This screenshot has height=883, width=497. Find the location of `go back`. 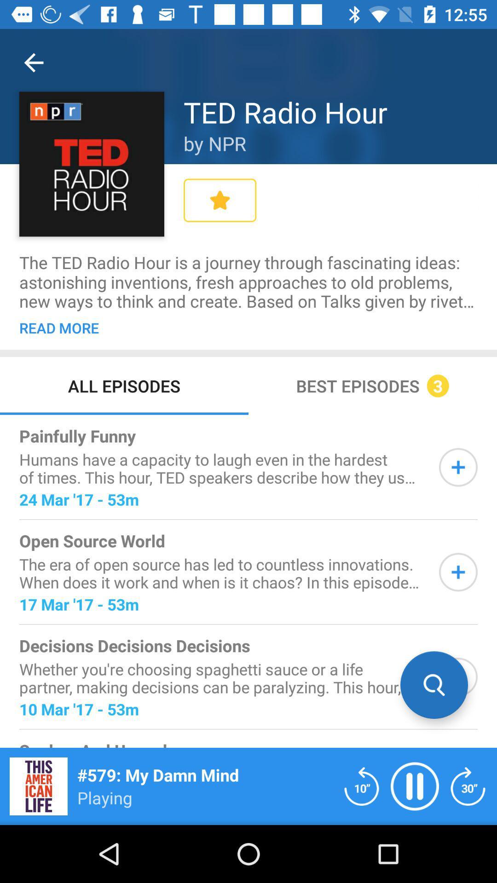

go back is located at coordinates (361, 786).